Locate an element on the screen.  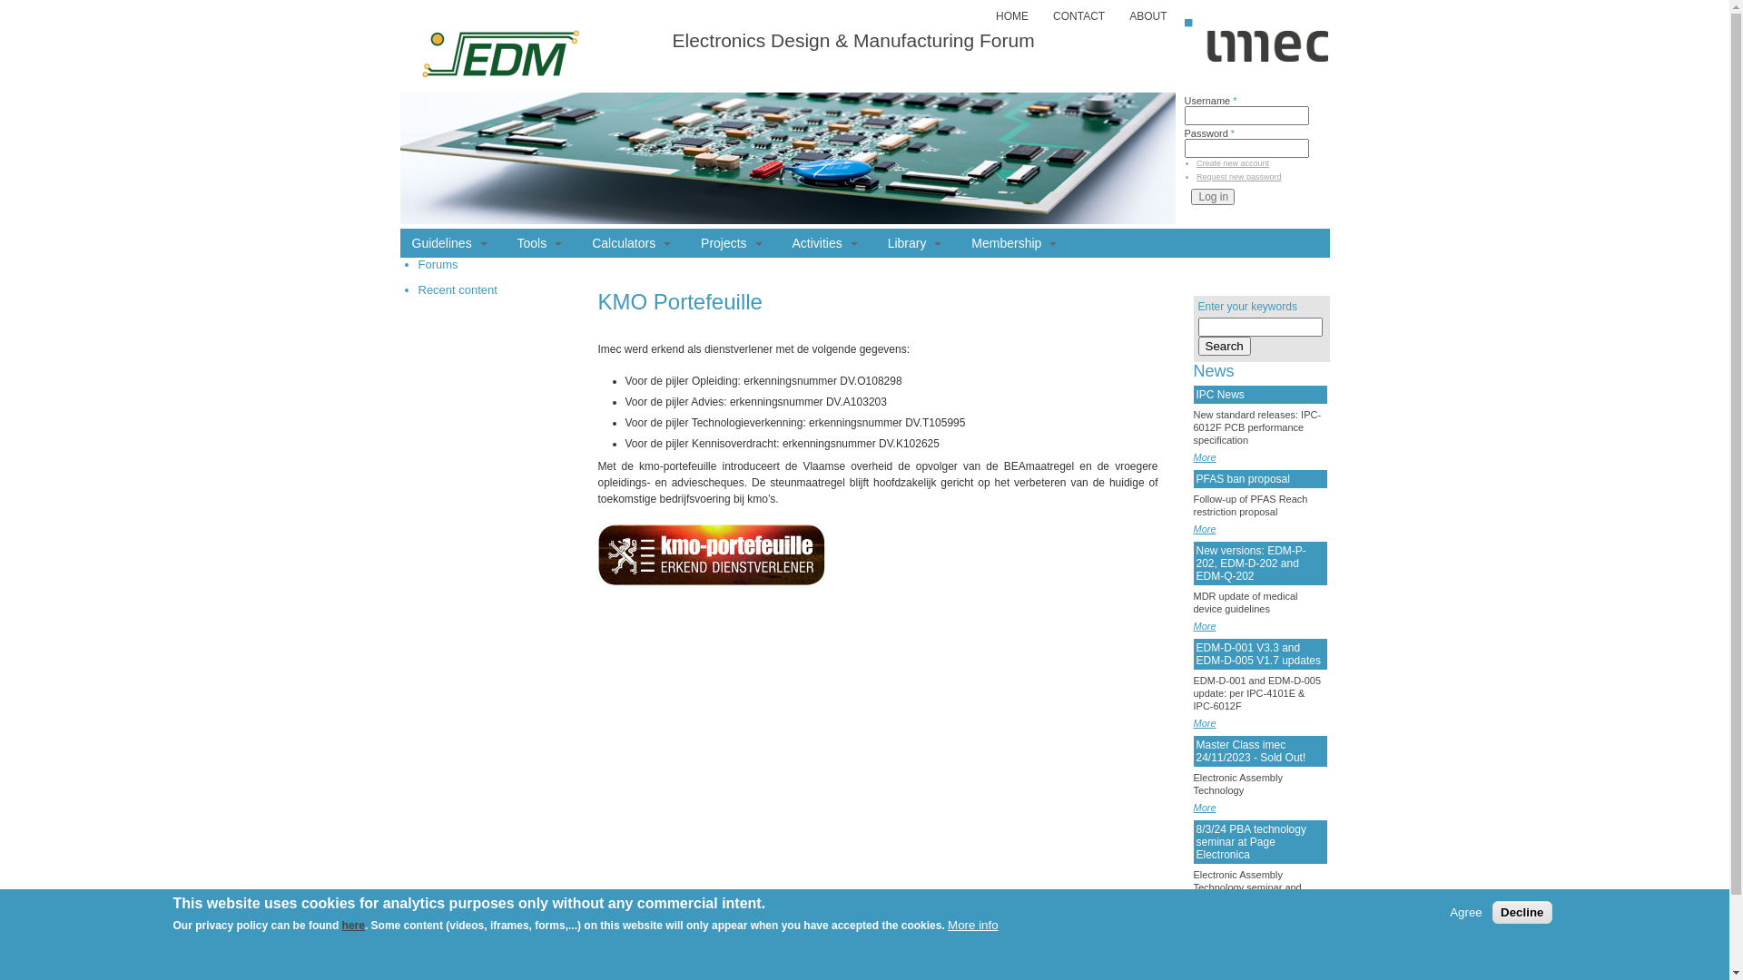
'More info' is located at coordinates (946, 925).